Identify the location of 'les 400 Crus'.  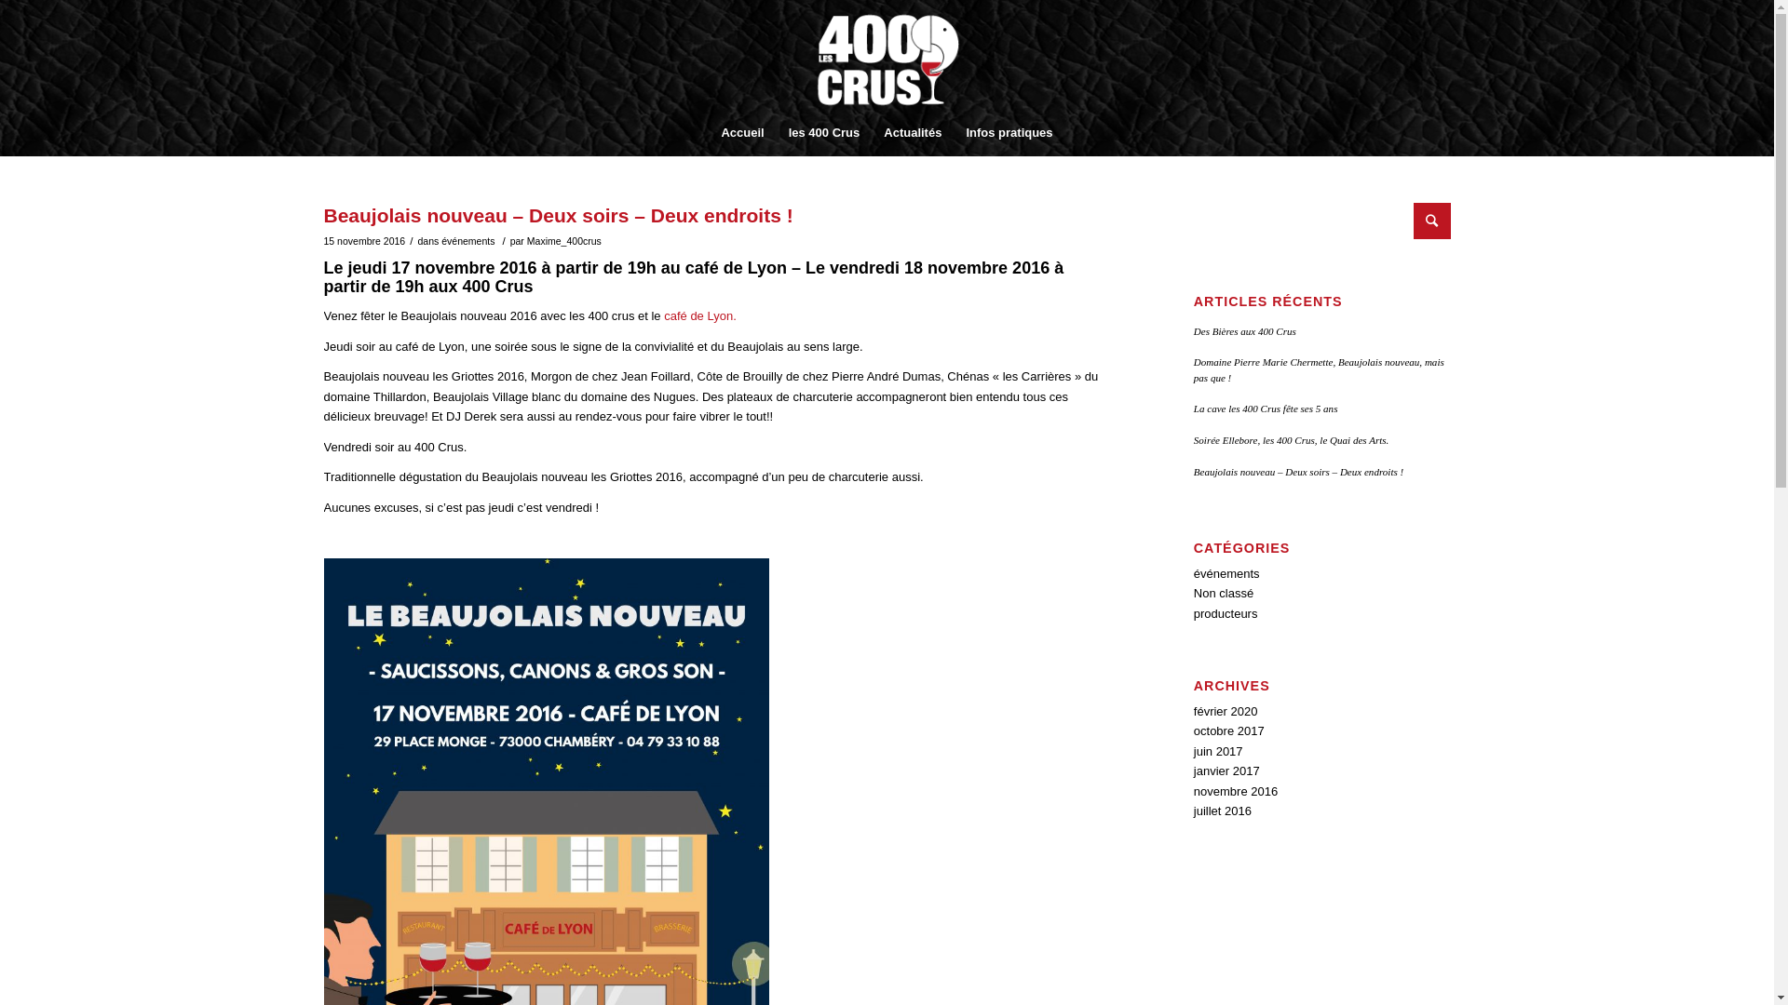
(823, 131).